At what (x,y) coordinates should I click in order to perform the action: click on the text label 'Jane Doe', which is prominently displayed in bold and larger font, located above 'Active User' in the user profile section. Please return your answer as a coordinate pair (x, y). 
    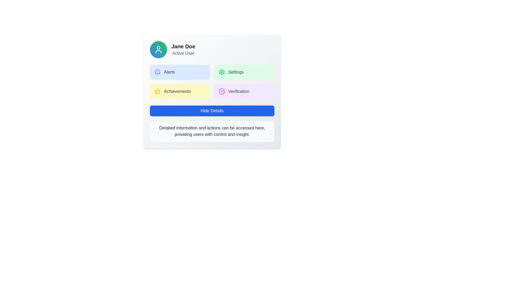
    Looking at the image, I should click on (183, 46).